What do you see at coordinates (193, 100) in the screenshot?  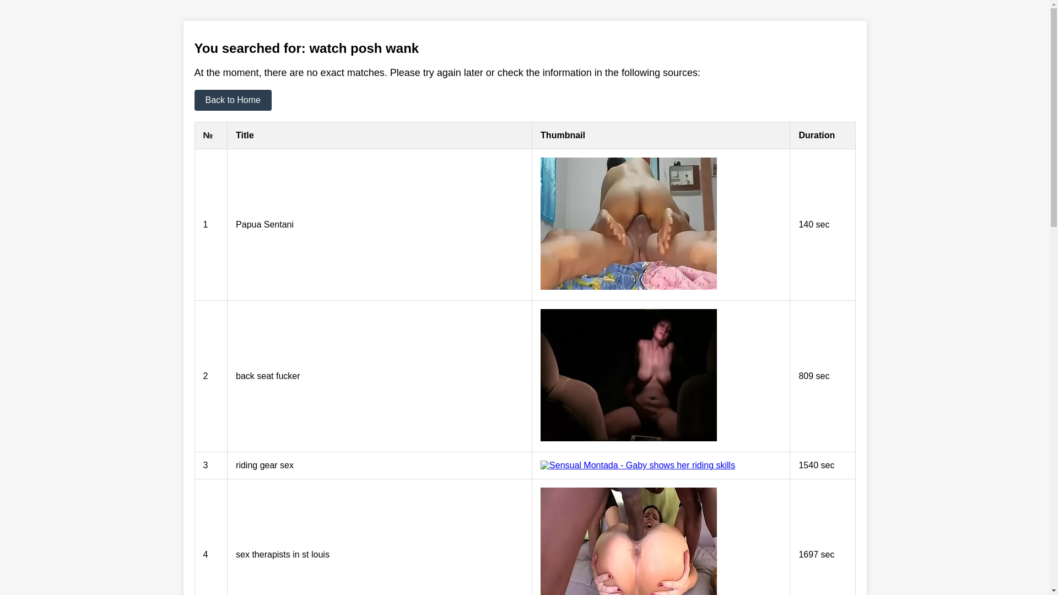 I see `'Back to Home'` at bounding box center [193, 100].